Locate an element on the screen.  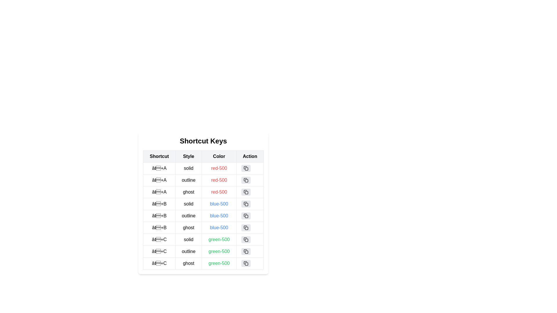
the copy icon located in the 'Action' column of the row labeled 'blue-500 outline' is located at coordinates (245, 215).